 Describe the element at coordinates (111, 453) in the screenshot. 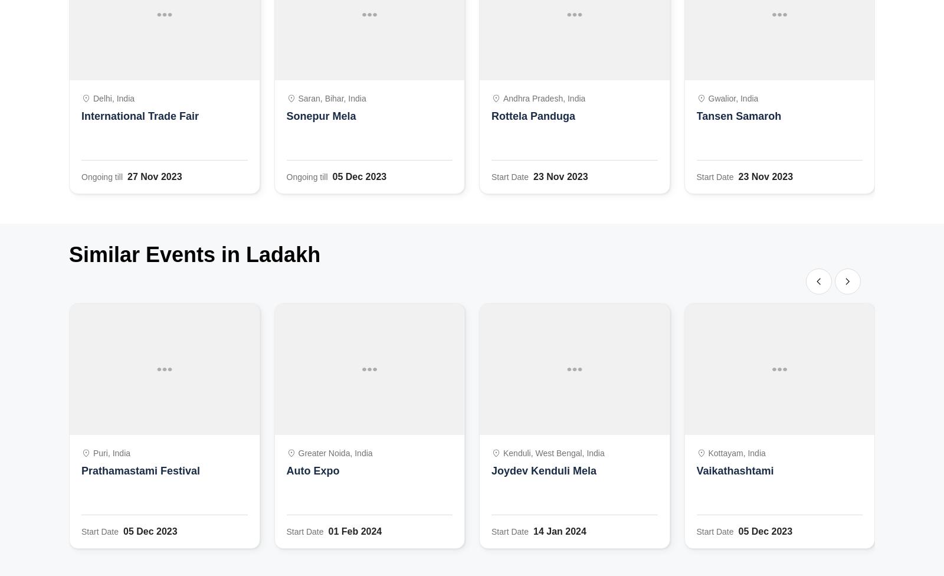

I see `'Puri, India'` at that location.